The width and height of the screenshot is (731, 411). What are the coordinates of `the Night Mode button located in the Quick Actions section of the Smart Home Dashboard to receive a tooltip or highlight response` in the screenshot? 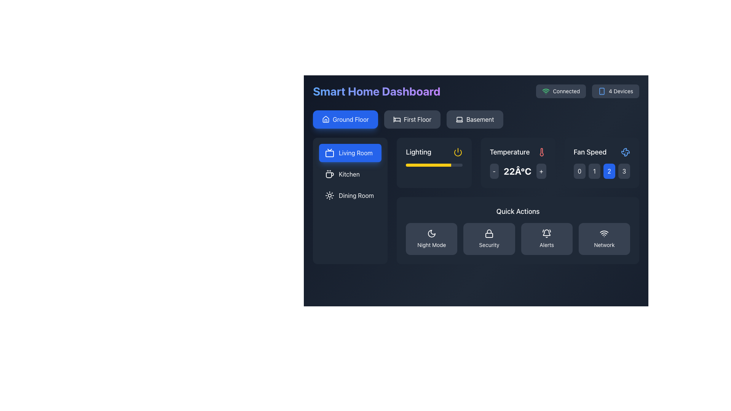 It's located at (431, 239).